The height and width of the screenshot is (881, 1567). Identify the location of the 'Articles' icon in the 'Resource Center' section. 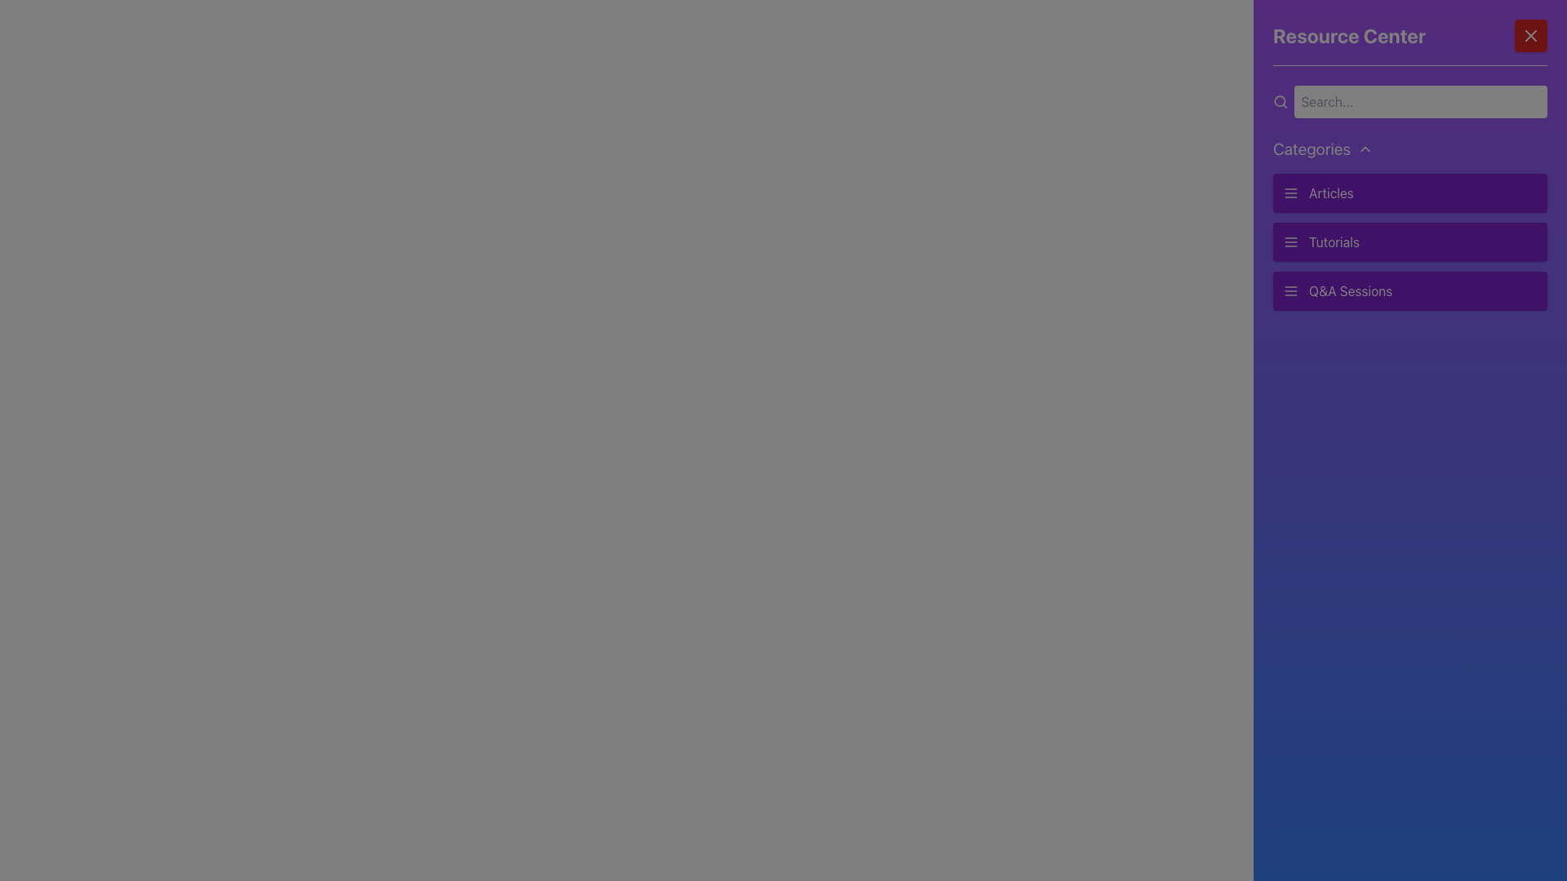
(1290, 192).